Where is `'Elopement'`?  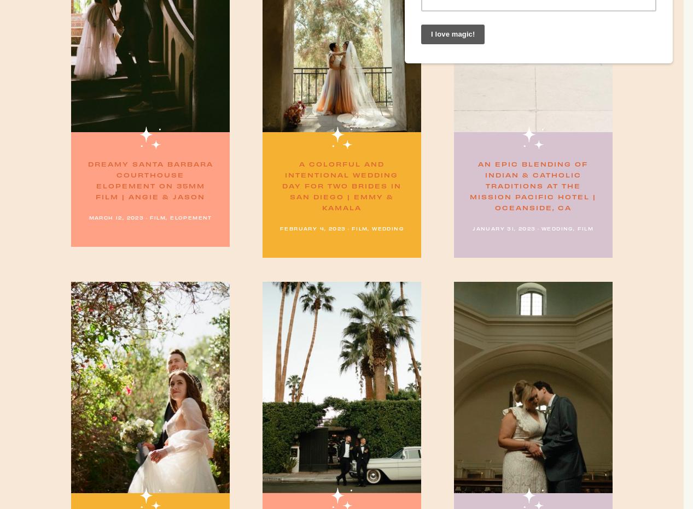 'Elopement' is located at coordinates (191, 216).